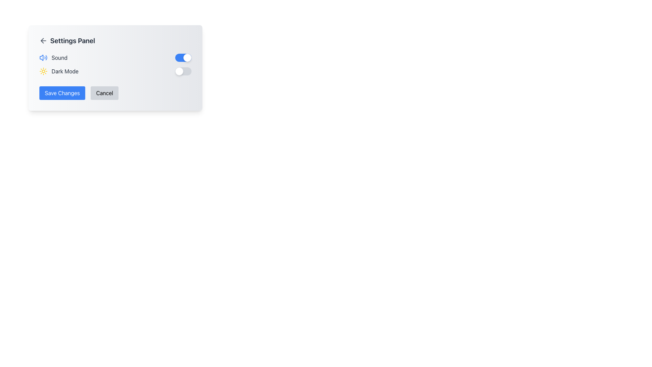 Image resolution: width=652 pixels, height=367 pixels. I want to click on the left-pointing gray arrow icon located at the far left of the 'Settings Panel' header, so click(43, 40).